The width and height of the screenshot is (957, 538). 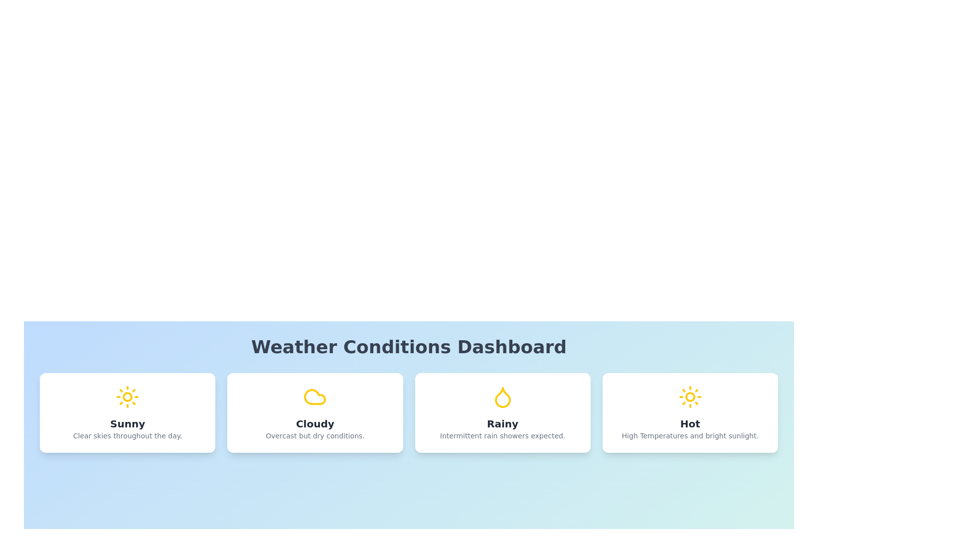 I want to click on keyboard navigation, so click(x=502, y=413).